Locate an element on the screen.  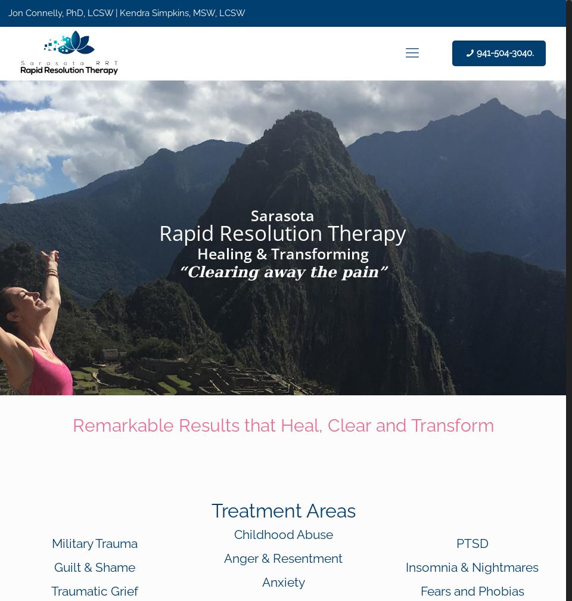
'Childhood Abuse' is located at coordinates (283, 534).